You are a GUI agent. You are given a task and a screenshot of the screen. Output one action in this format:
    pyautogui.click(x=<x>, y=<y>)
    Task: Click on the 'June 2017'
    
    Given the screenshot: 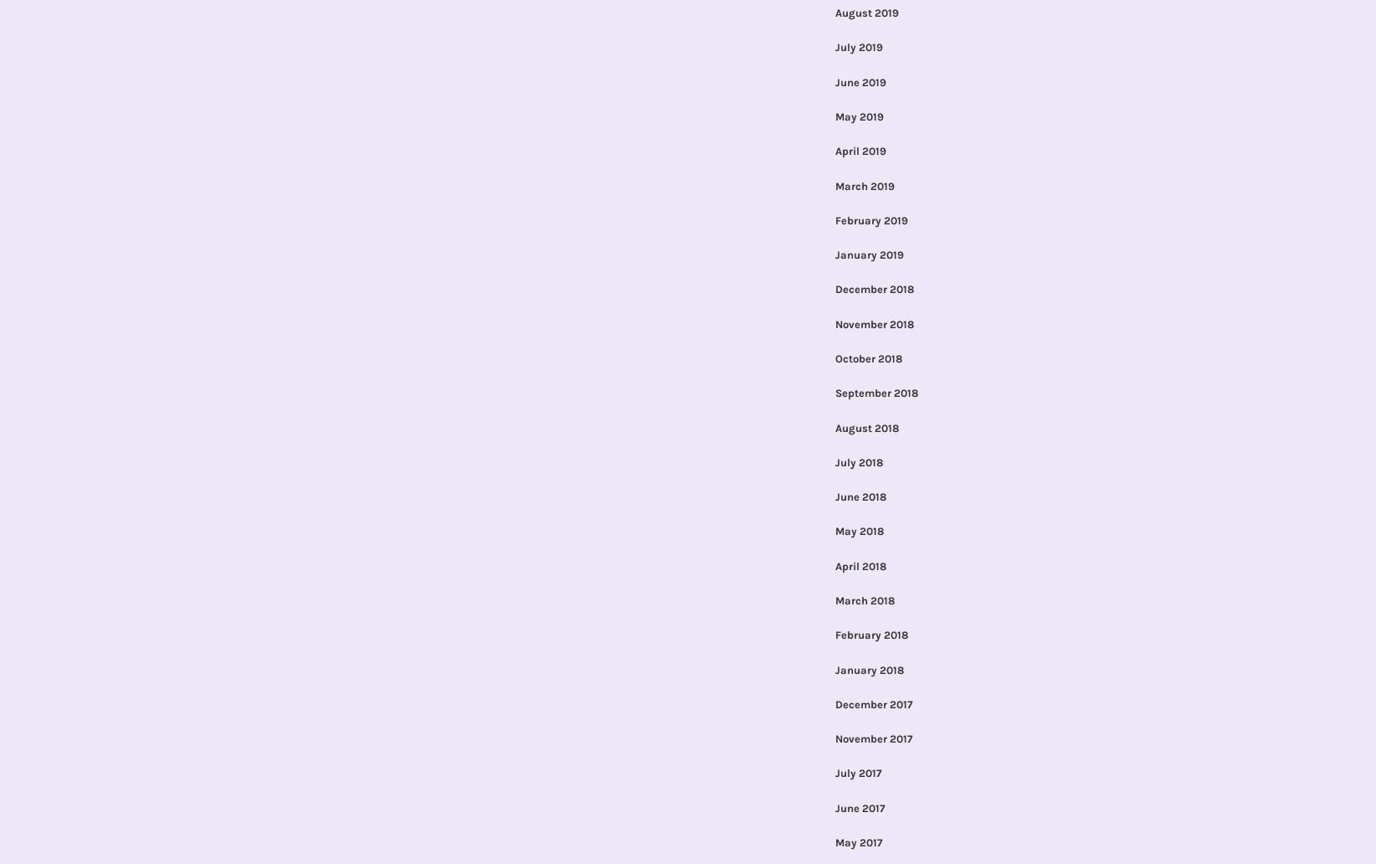 What is the action you would take?
    pyautogui.click(x=858, y=806)
    